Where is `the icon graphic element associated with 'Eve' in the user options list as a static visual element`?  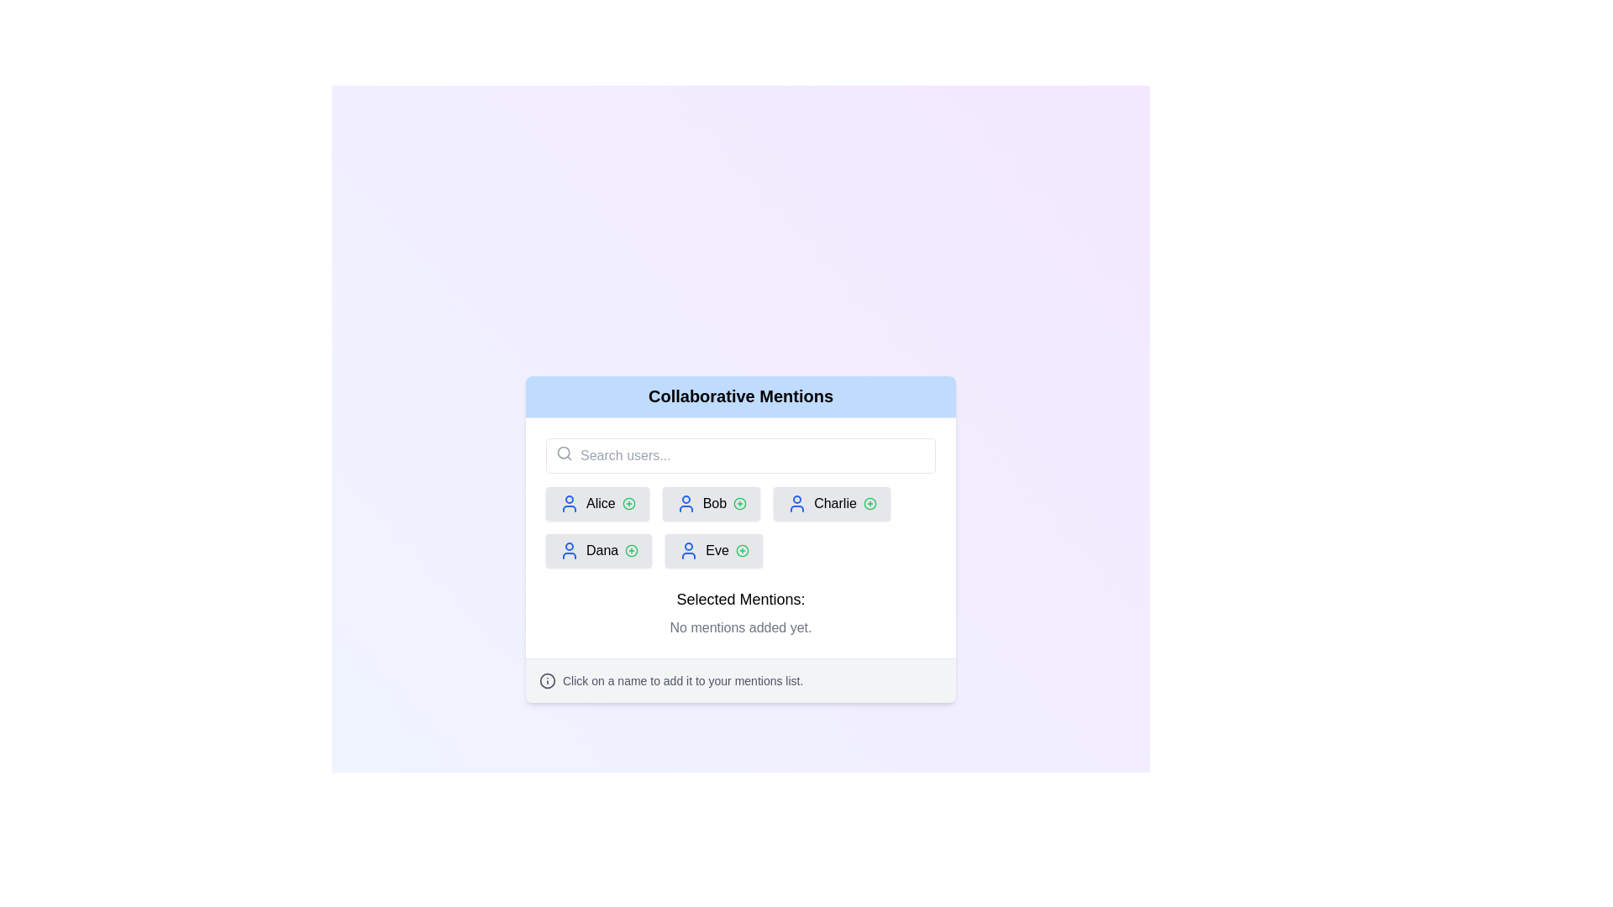
the icon graphic element associated with 'Eve' in the user options list as a static visual element is located at coordinates (741, 550).